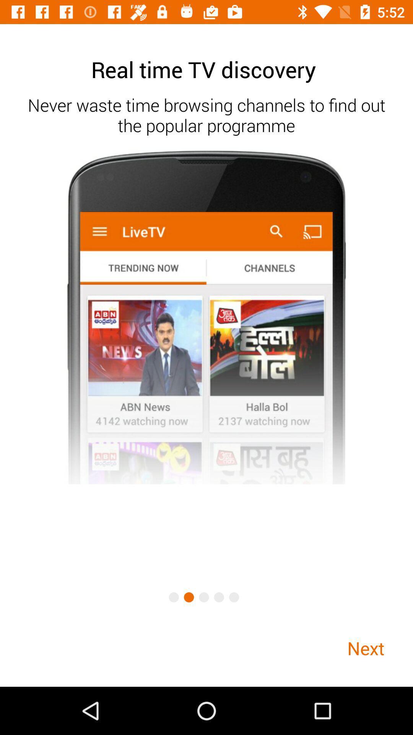 The height and width of the screenshot is (735, 413). I want to click on the next at the bottom right corner, so click(365, 648).